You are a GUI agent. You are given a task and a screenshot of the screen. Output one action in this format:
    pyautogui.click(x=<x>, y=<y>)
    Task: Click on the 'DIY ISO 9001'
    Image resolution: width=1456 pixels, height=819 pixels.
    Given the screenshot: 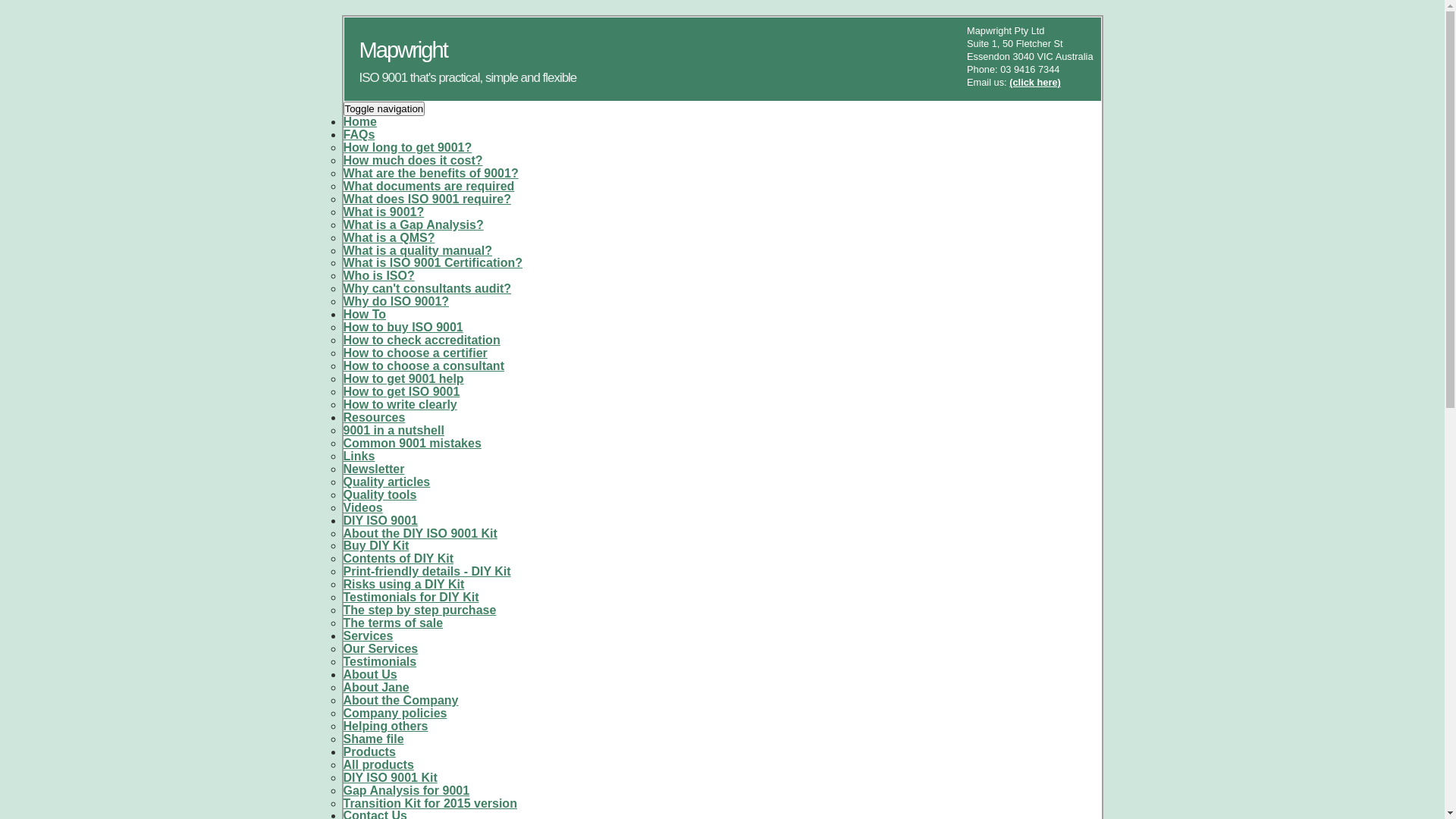 What is the action you would take?
    pyautogui.click(x=379, y=519)
    